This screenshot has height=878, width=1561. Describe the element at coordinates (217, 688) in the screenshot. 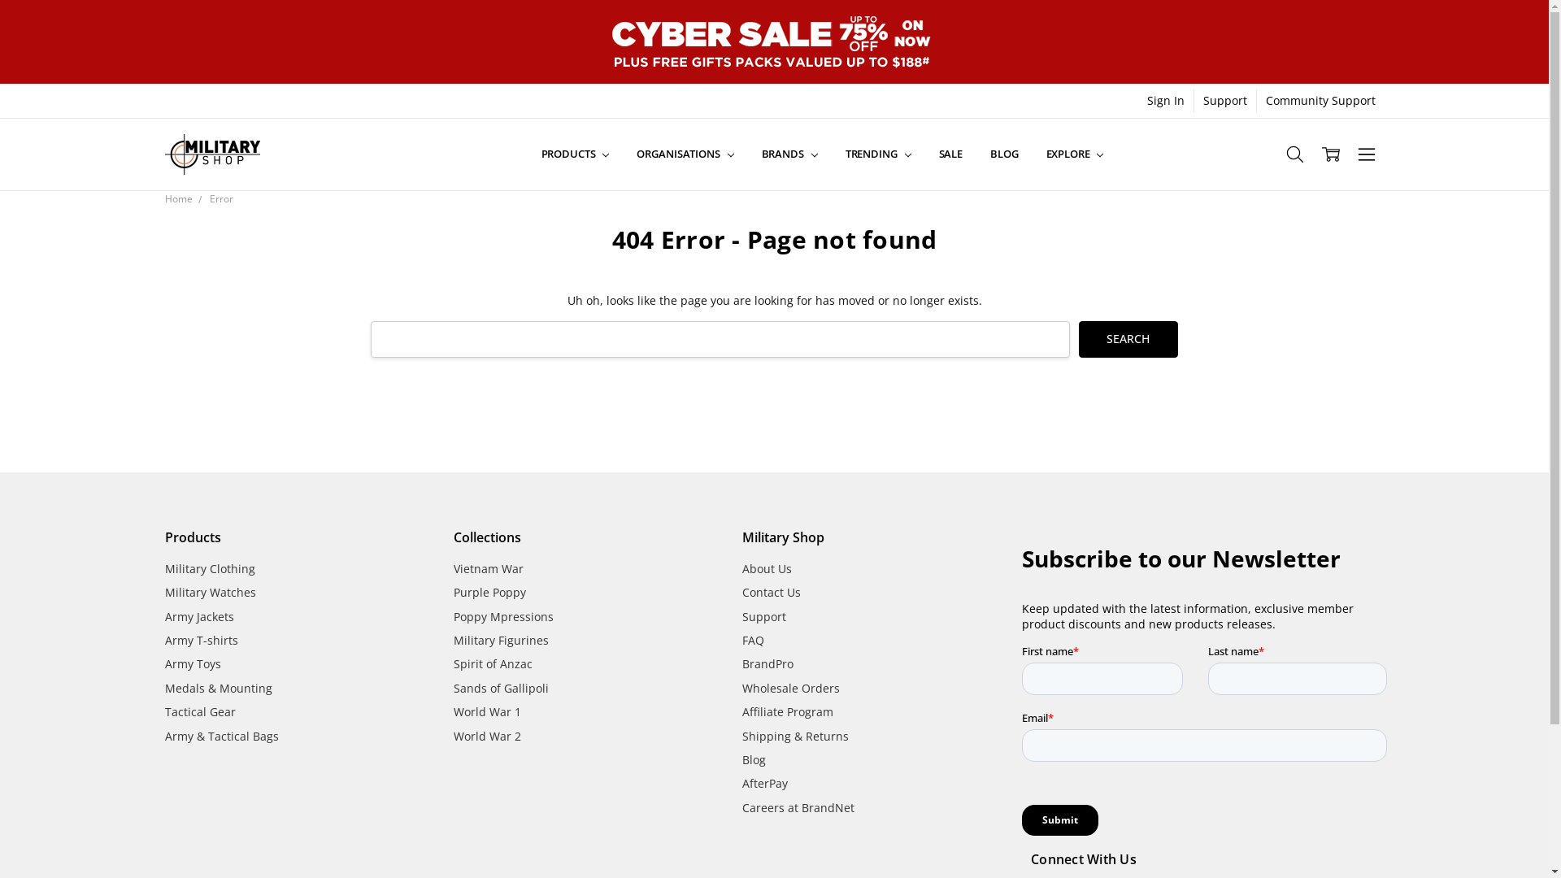

I see `'Medals & Mounting'` at that location.